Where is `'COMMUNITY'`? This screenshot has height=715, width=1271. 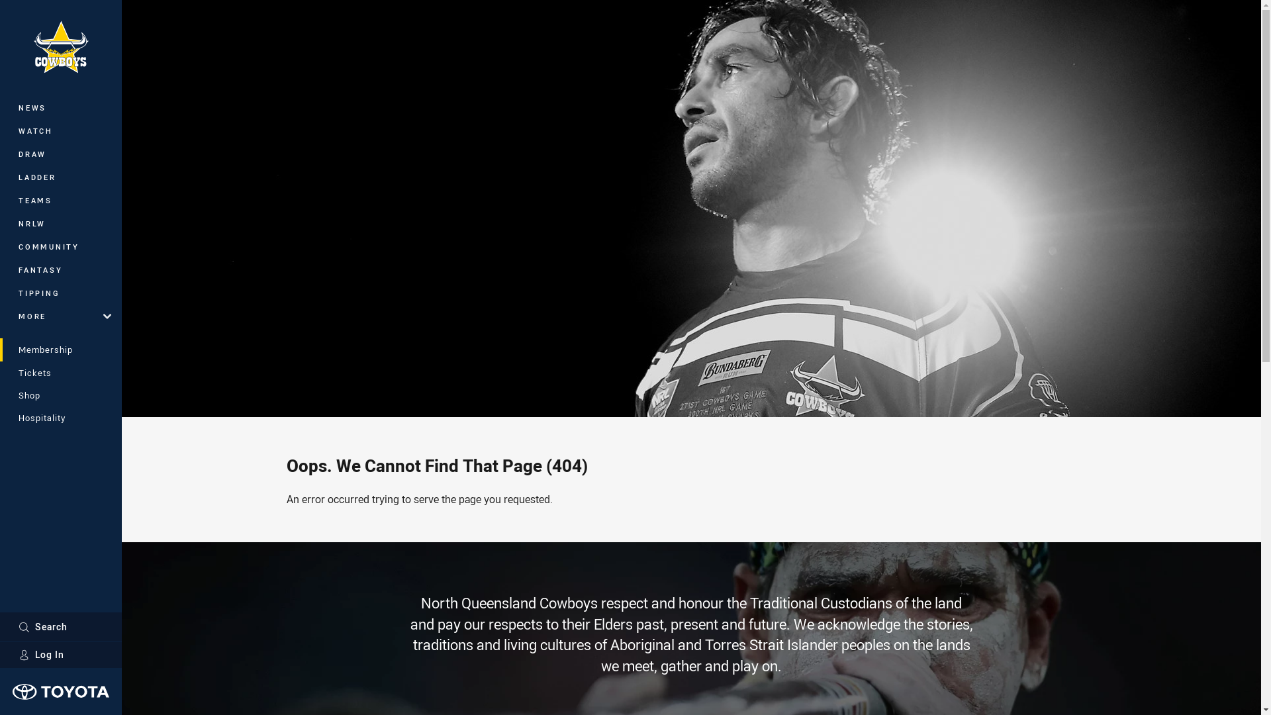
'COMMUNITY' is located at coordinates (60, 246).